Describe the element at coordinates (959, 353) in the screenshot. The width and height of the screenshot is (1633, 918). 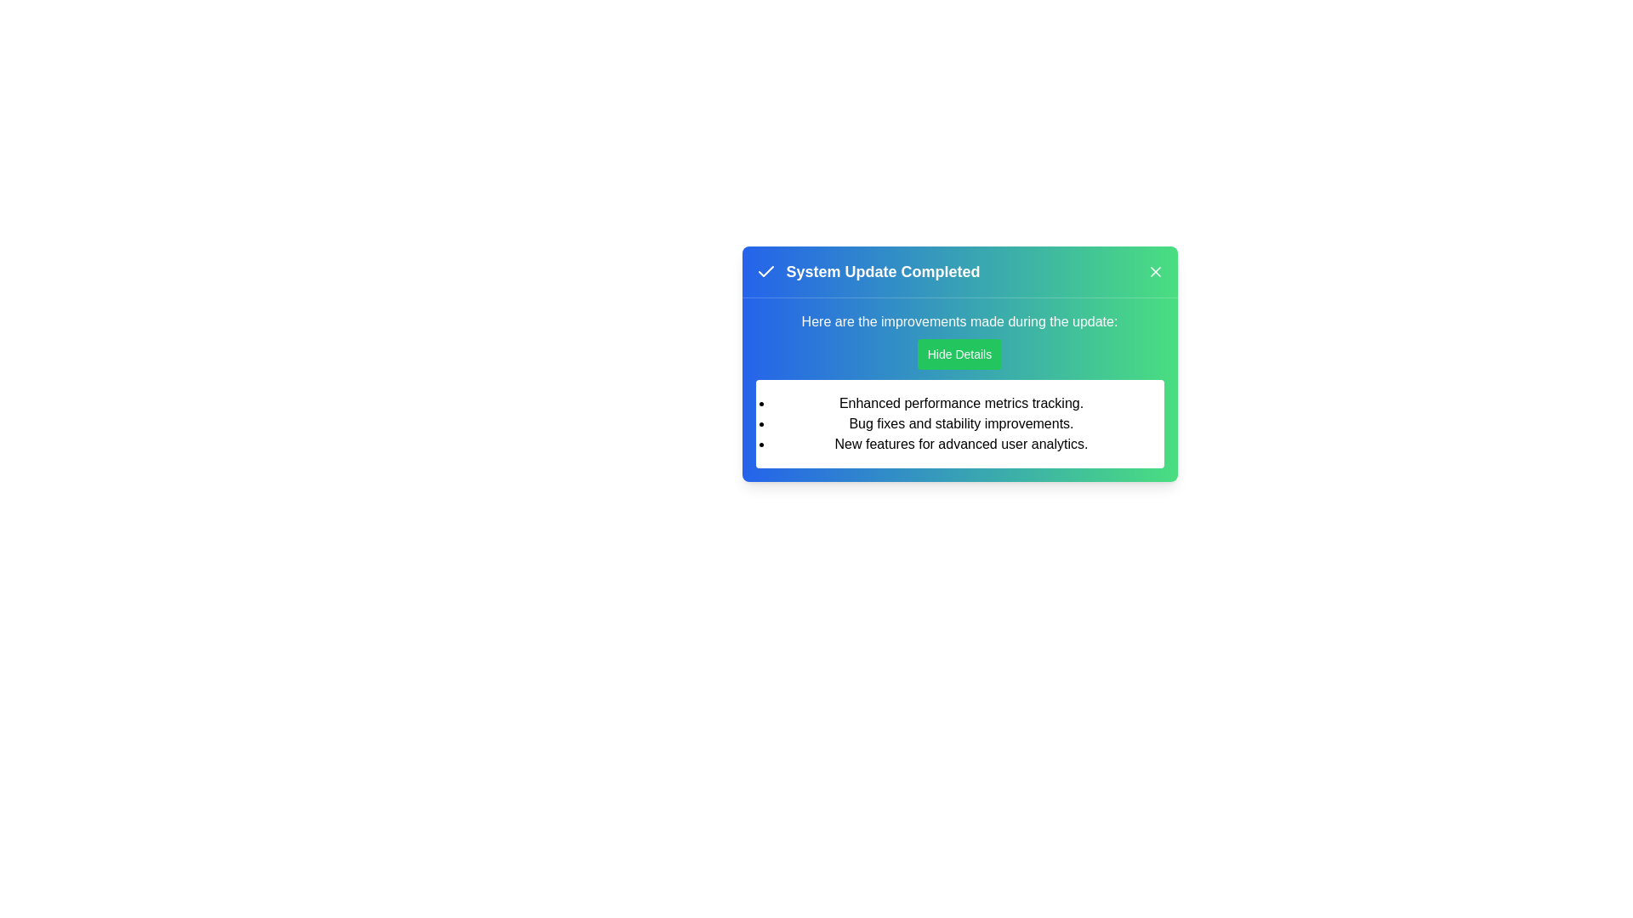
I see `'Hide Details' button to toggle the visibility of the details section` at that location.